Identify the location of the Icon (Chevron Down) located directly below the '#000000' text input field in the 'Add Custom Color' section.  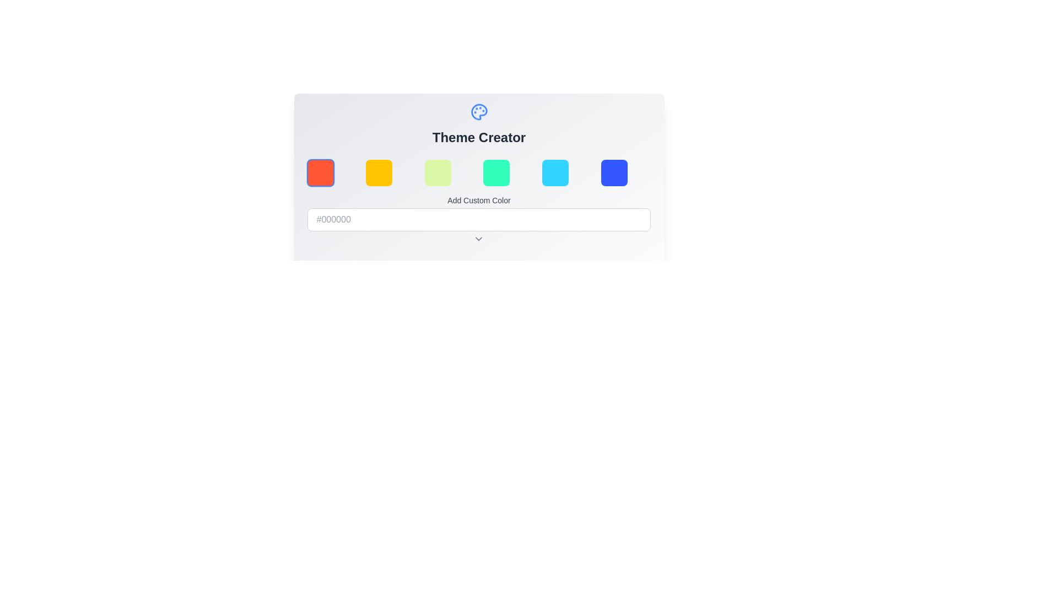
(479, 239).